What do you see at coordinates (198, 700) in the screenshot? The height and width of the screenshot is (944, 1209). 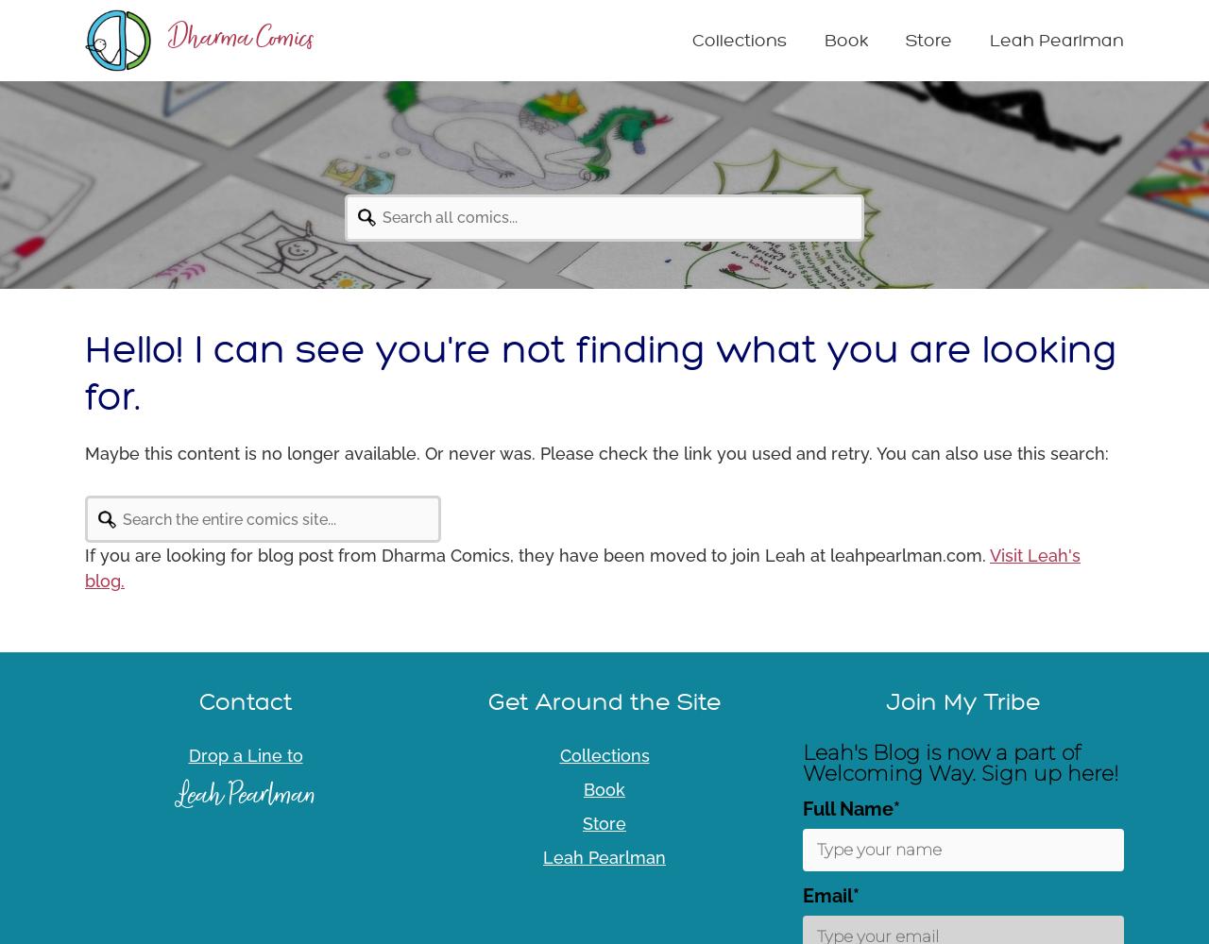 I see `'Contact'` at bounding box center [198, 700].